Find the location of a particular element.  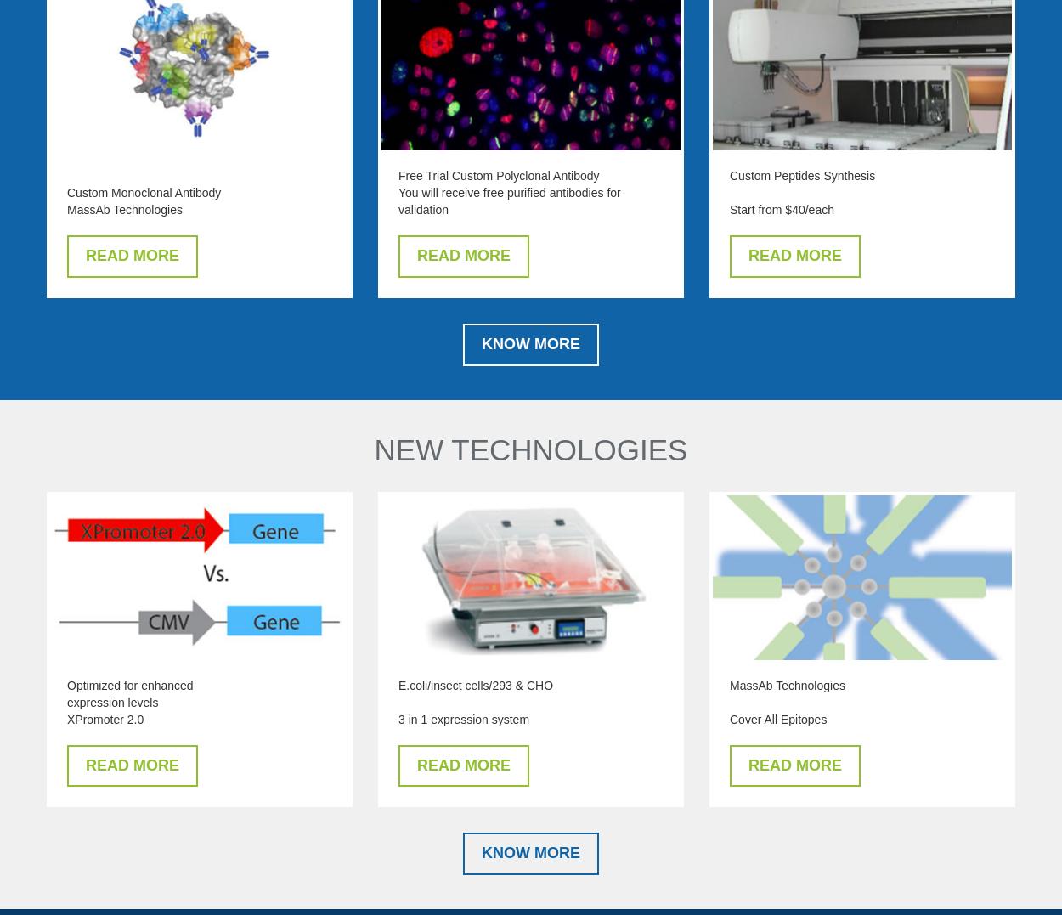

'You will receive free purified antibodies for validation' is located at coordinates (508, 201).